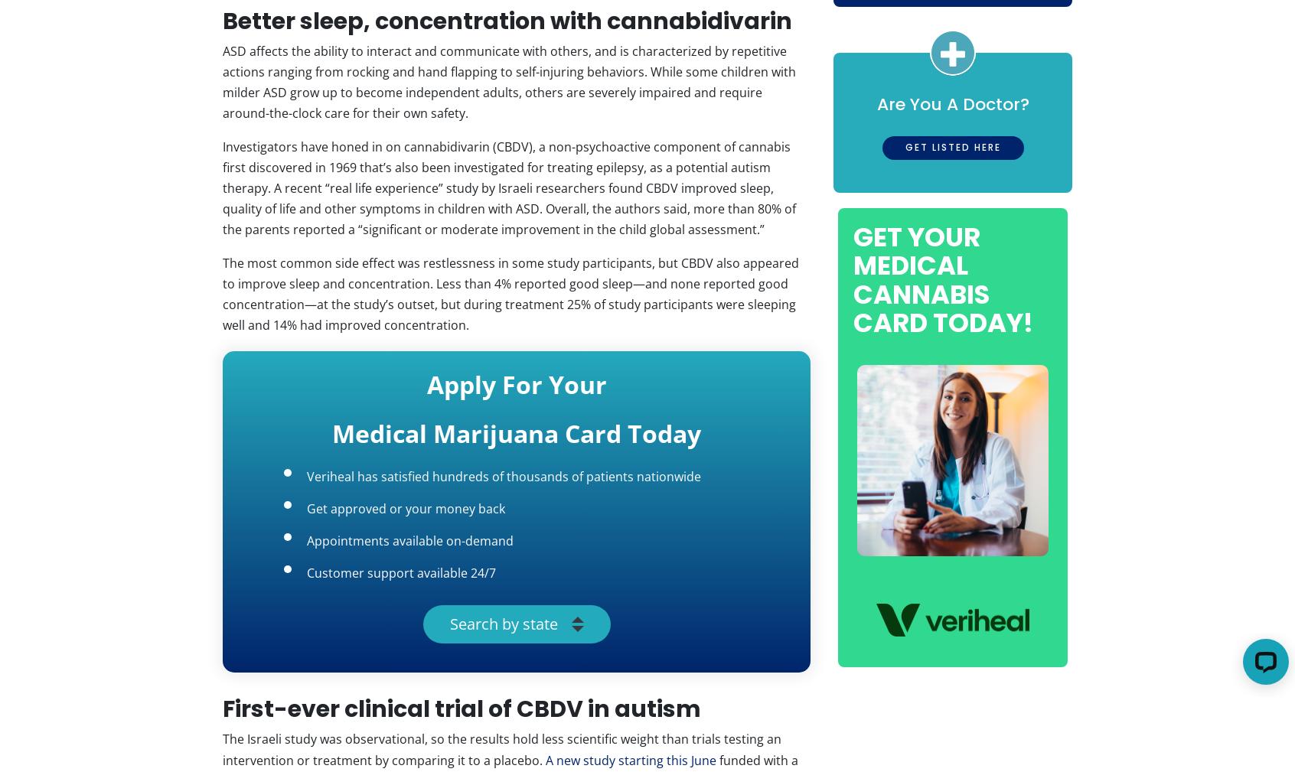 The height and width of the screenshot is (772, 1295). What do you see at coordinates (516, 383) in the screenshot?
I see `'Apply For Your'` at bounding box center [516, 383].